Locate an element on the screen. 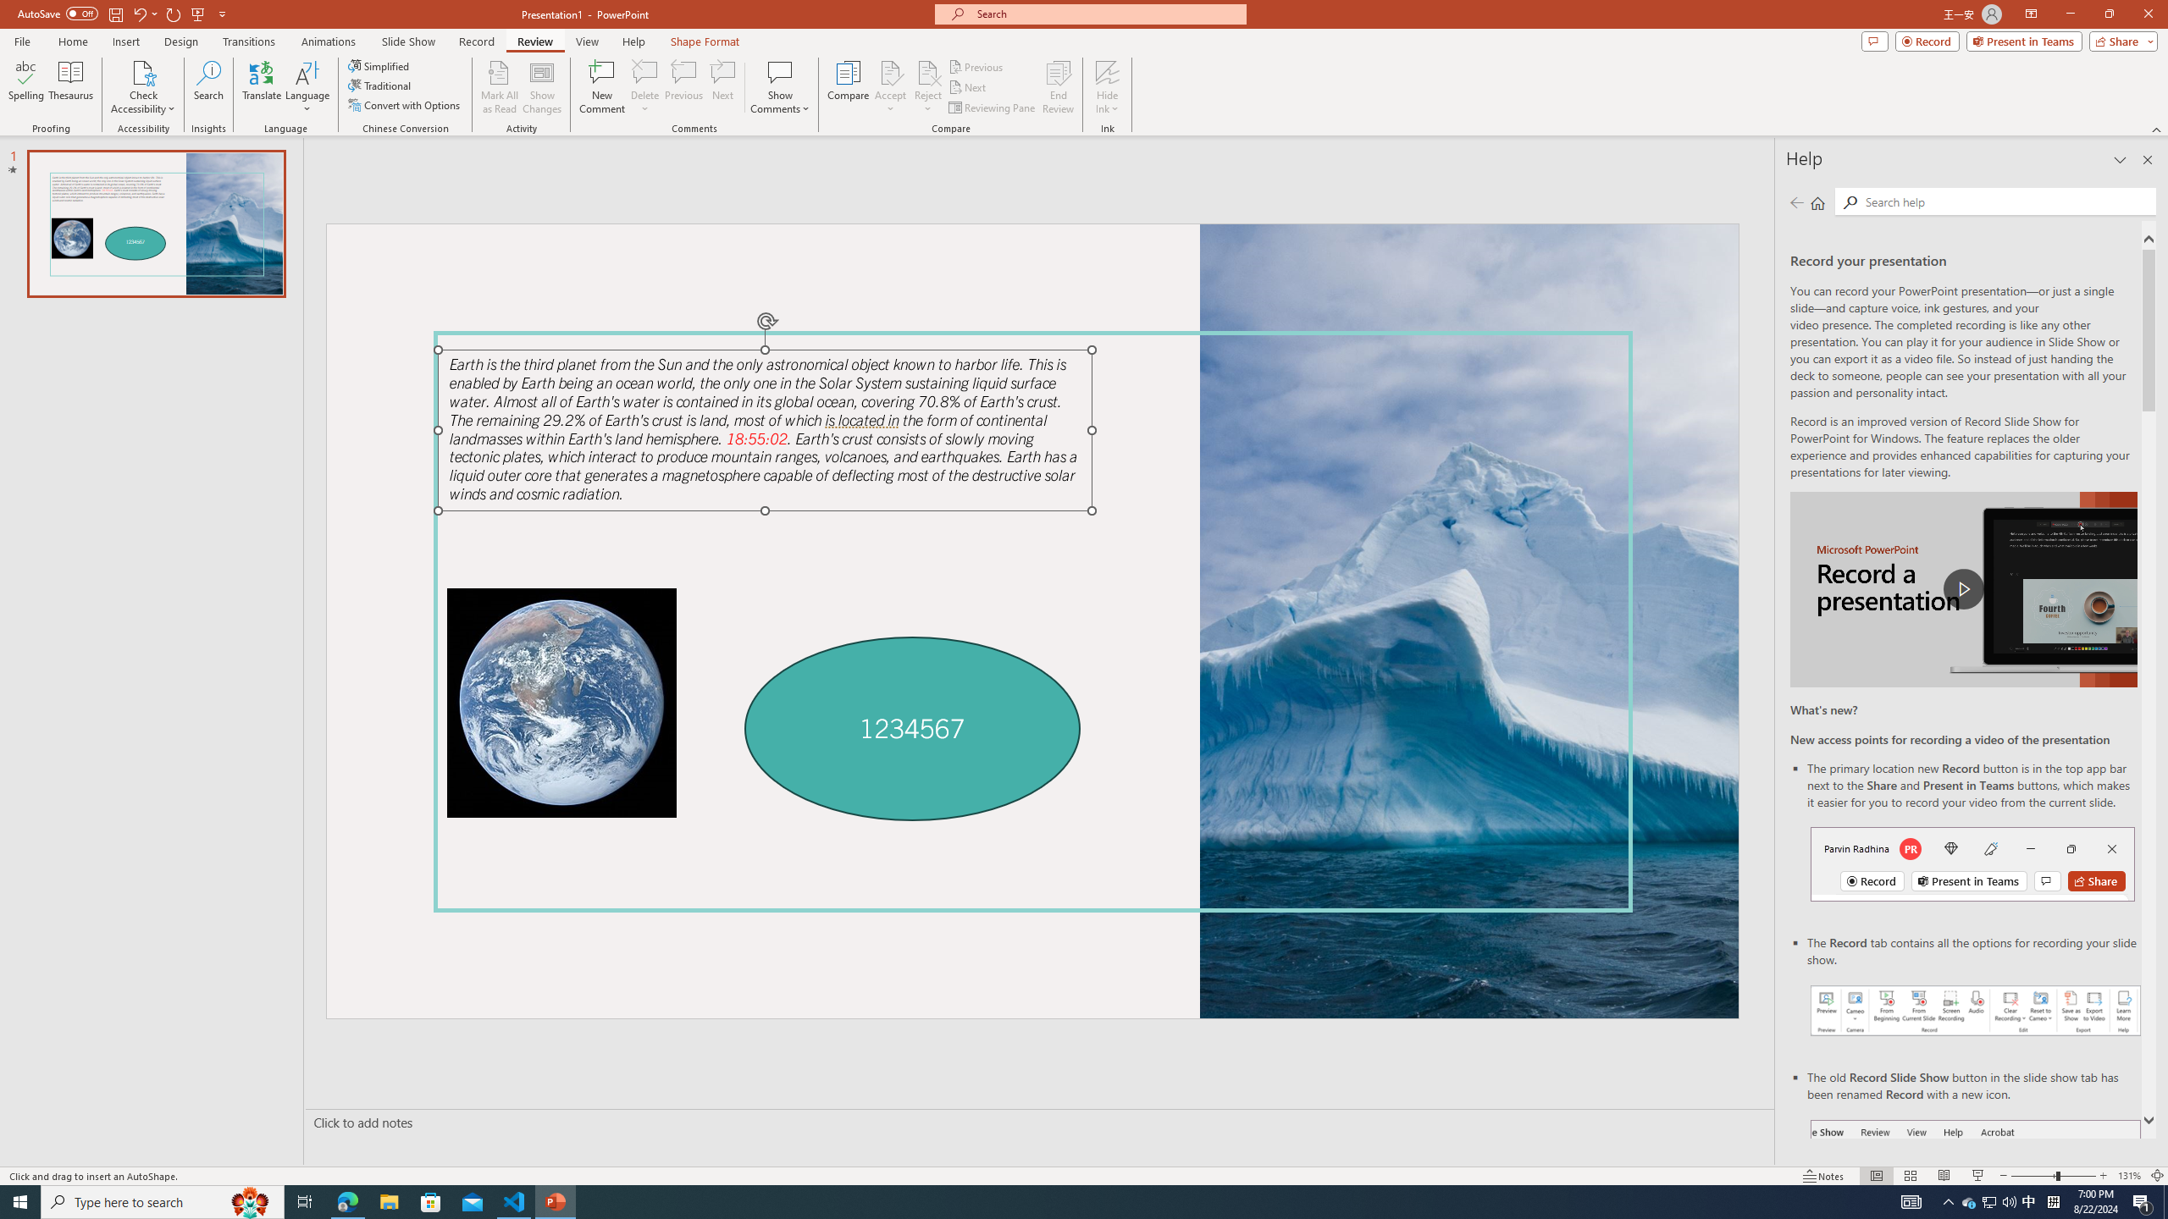  'Convert with Options...' is located at coordinates (404, 103).